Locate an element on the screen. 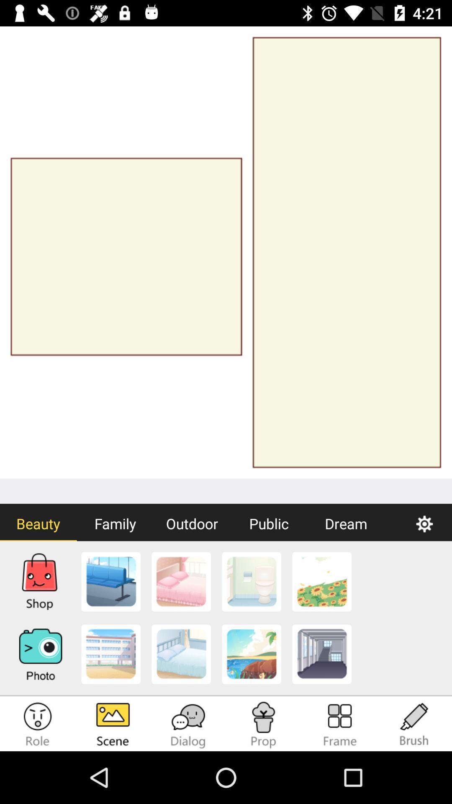 This screenshot has width=452, height=804. the emoji icon is located at coordinates (263, 724).